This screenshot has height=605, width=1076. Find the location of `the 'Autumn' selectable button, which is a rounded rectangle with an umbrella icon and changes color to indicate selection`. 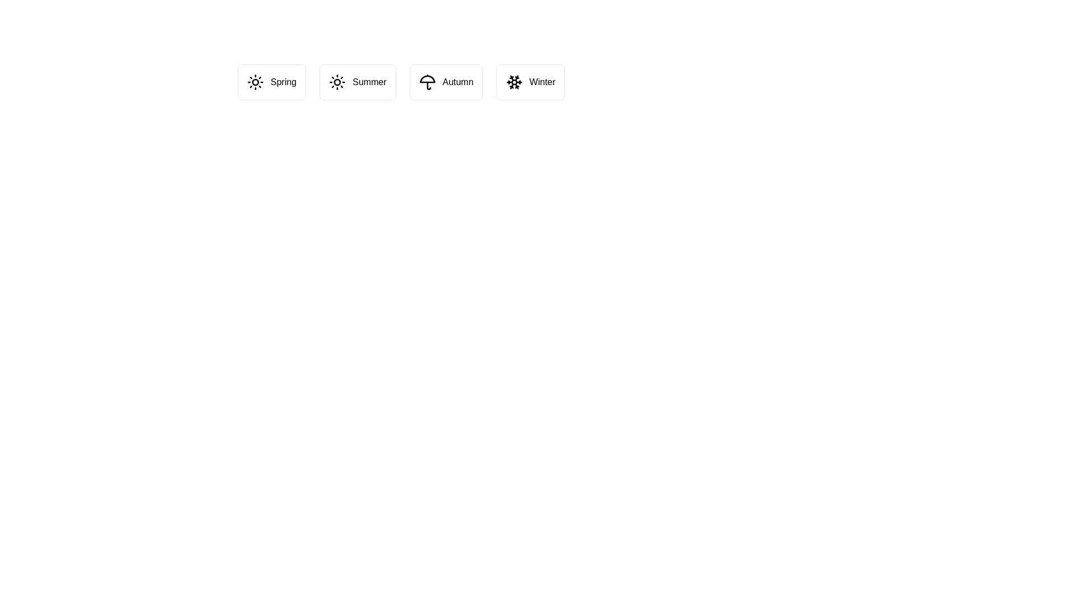

the 'Autumn' selectable button, which is a rounded rectangle with an umbrella icon and changes color to indicate selection is located at coordinates (446, 81).